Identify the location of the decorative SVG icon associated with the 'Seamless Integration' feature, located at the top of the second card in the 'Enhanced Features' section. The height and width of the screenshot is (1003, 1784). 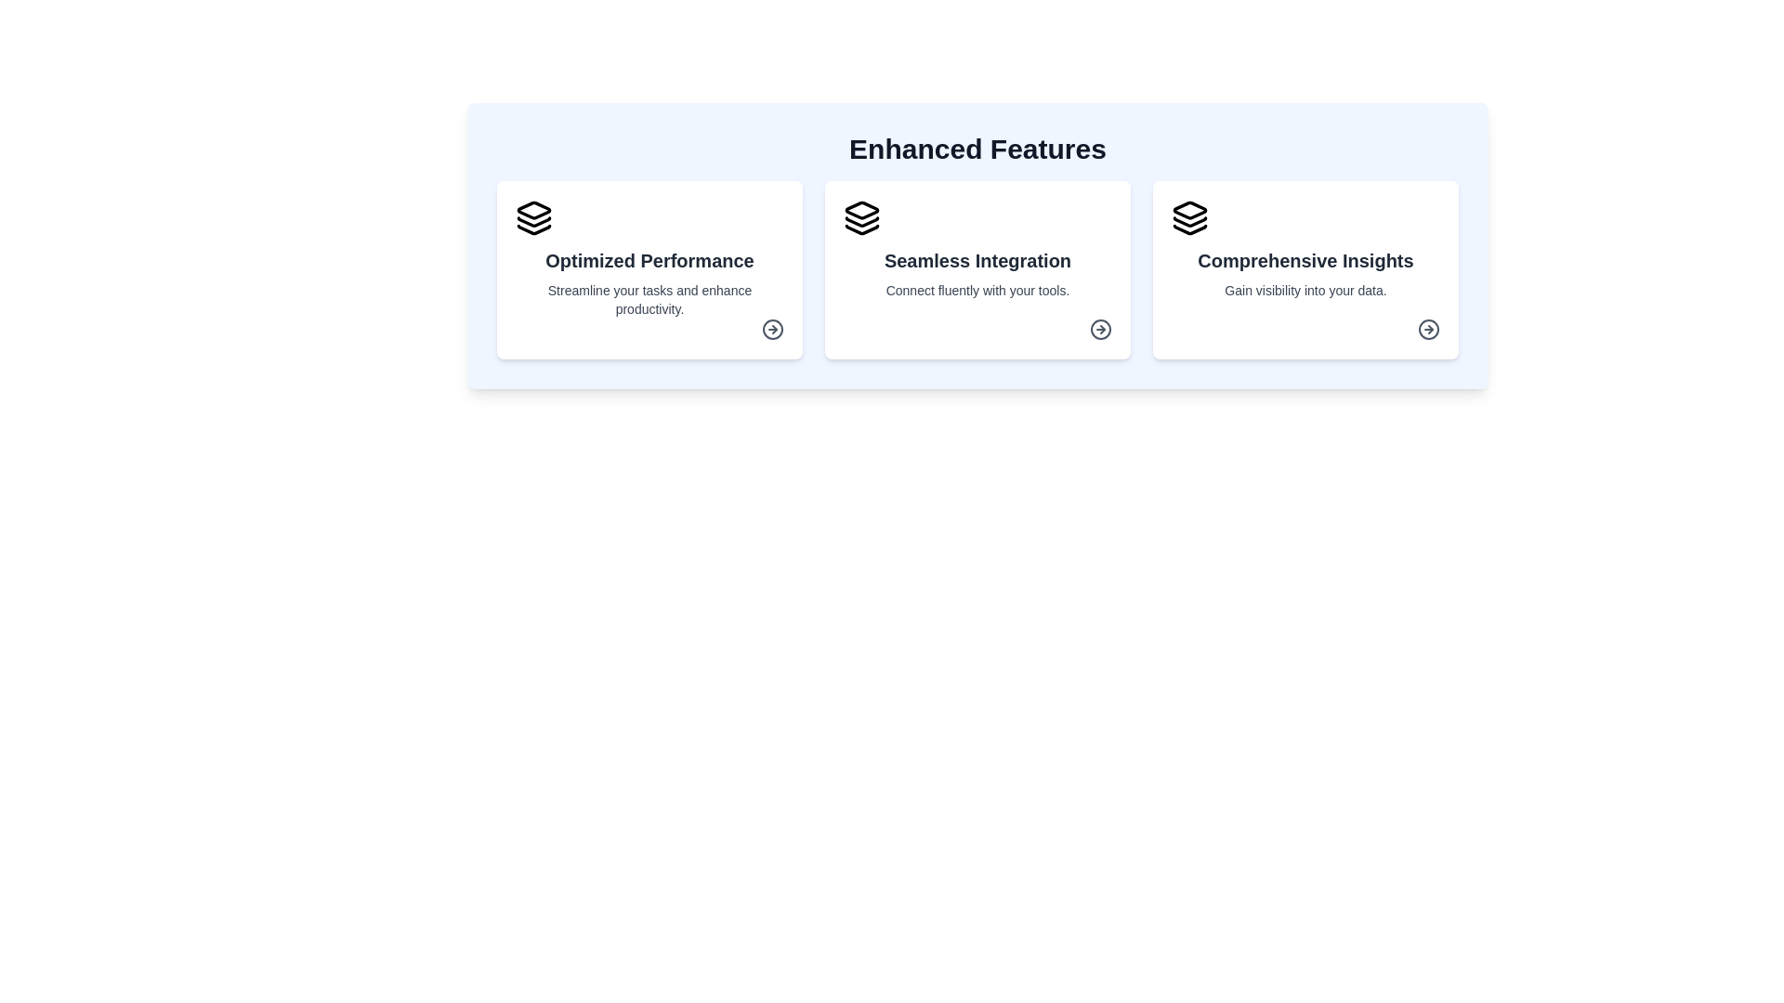
(860, 217).